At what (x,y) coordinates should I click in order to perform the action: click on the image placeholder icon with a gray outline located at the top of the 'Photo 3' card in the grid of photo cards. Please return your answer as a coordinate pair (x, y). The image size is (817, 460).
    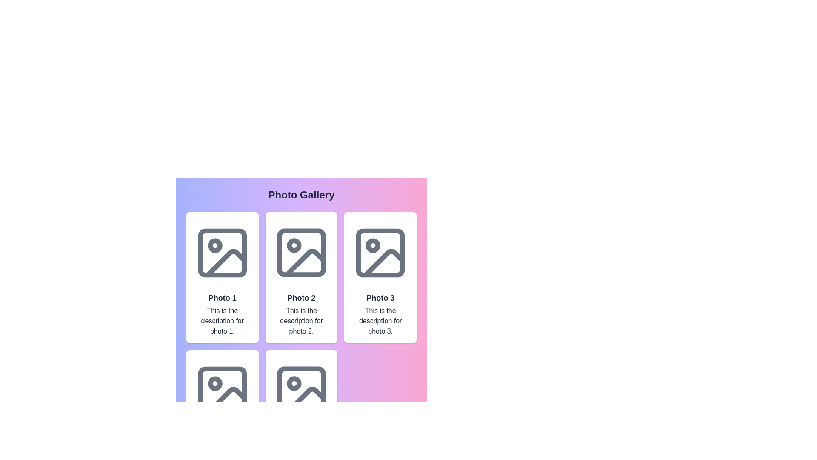
    Looking at the image, I should click on (380, 253).